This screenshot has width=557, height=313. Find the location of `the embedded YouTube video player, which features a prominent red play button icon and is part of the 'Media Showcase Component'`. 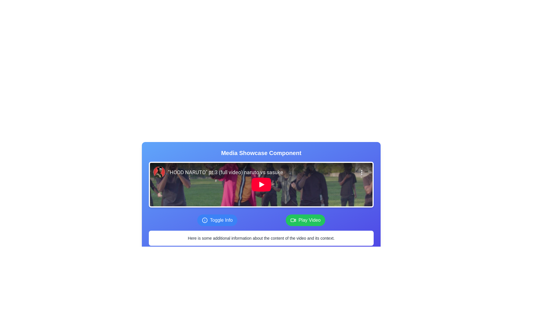

the embedded YouTube video player, which features a prominent red play button icon and is part of the 'Media Showcase Component' is located at coordinates (261, 184).